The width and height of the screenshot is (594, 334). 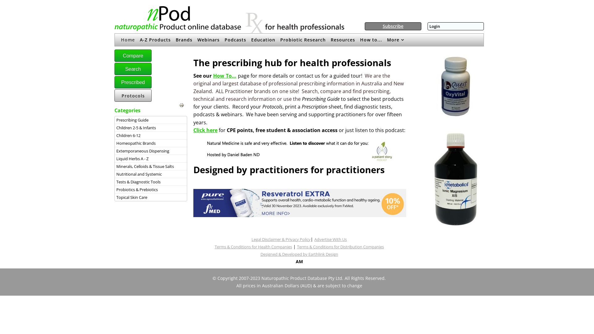 I want to click on 'Protocols', so click(x=133, y=95).